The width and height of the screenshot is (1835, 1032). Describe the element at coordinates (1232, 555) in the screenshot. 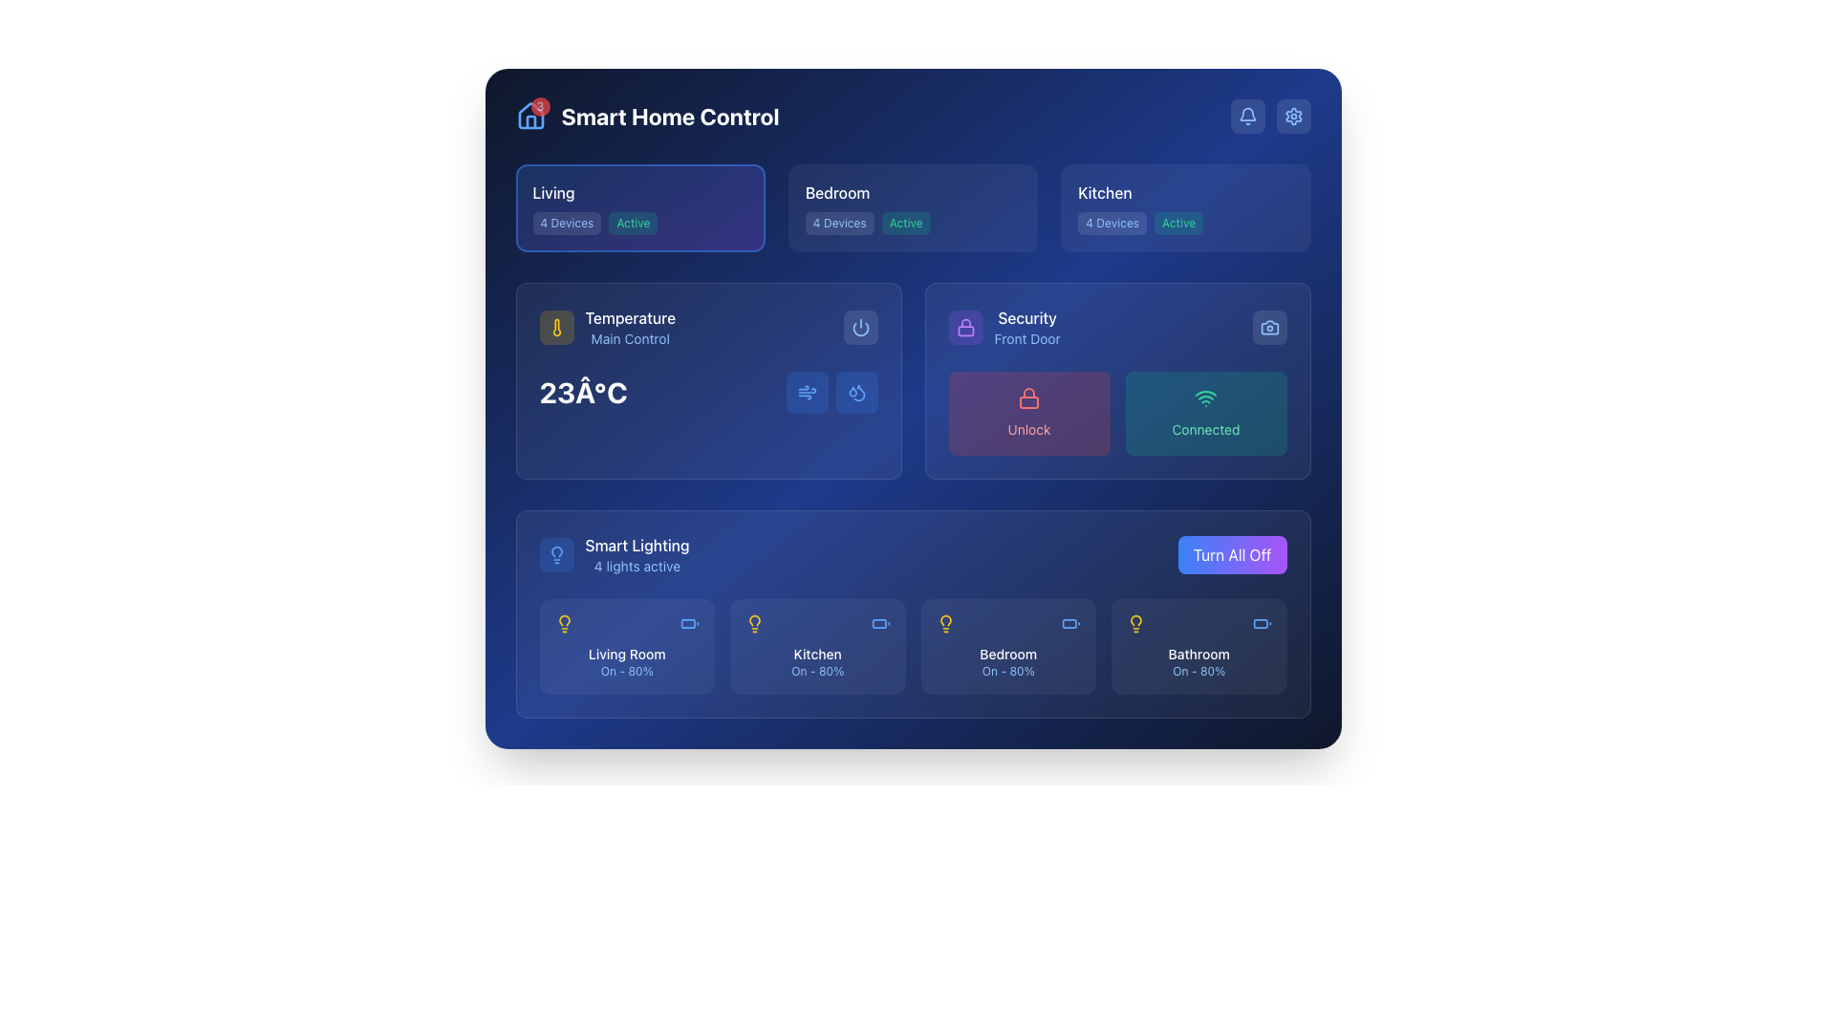

I see `the rectangular button labeled 'Turn All Off' with a gradient background transitioning from blue to purple` at that location.